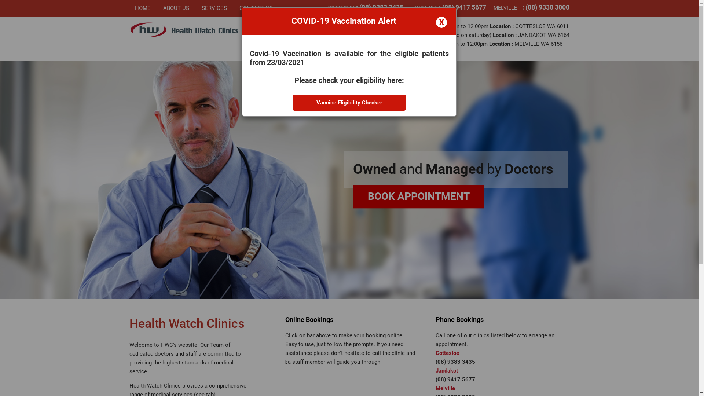 This screenshot has width=704, height=396. Describe the element at coordinates (146, 8) in the screenshot. I see `'HOME'` at that location.